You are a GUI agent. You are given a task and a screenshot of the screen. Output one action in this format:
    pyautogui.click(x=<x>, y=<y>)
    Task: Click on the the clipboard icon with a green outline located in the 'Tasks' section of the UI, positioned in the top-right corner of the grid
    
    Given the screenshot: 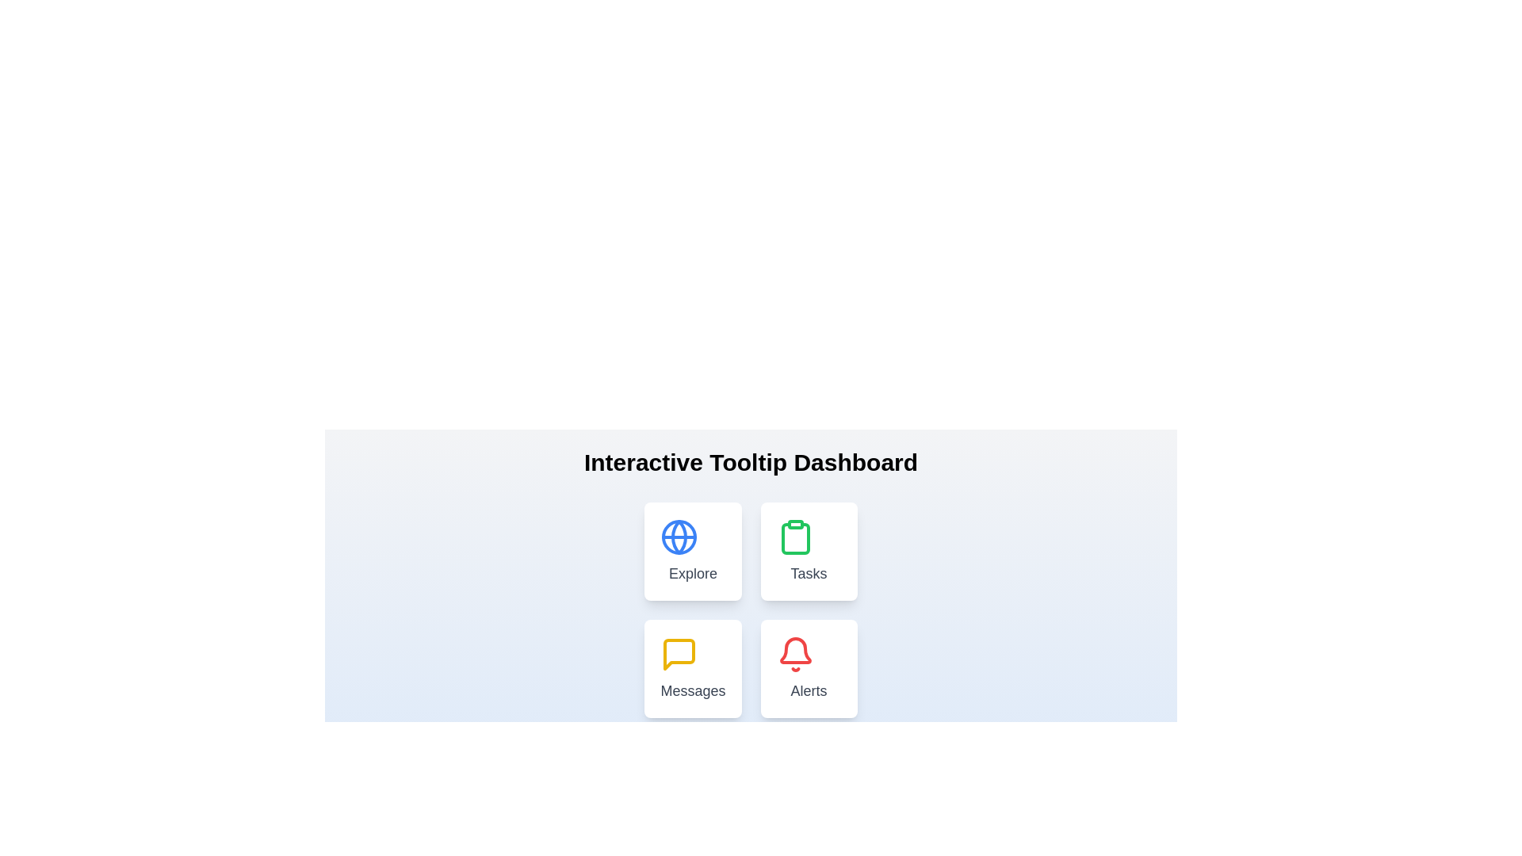 What is the action you would take?
    pyautogui.click(x=795, y=537)
    